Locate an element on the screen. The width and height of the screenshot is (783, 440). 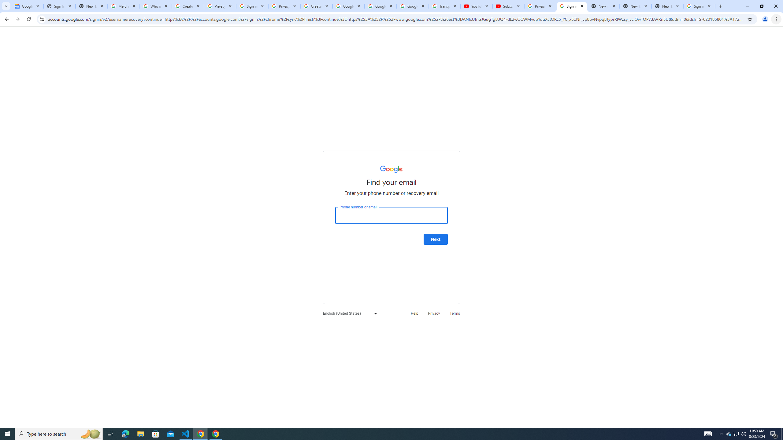
'YouTube' is located at coordinates (476, 6).